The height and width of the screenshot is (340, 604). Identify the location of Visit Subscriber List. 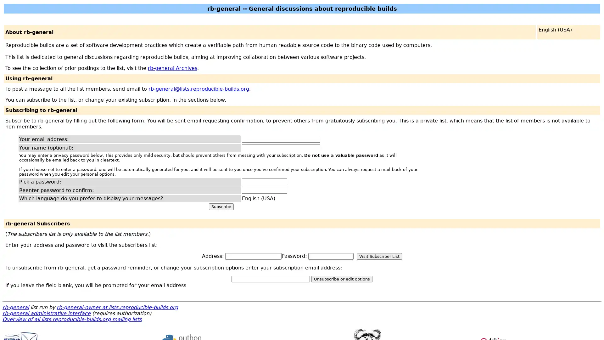
(379, 256).